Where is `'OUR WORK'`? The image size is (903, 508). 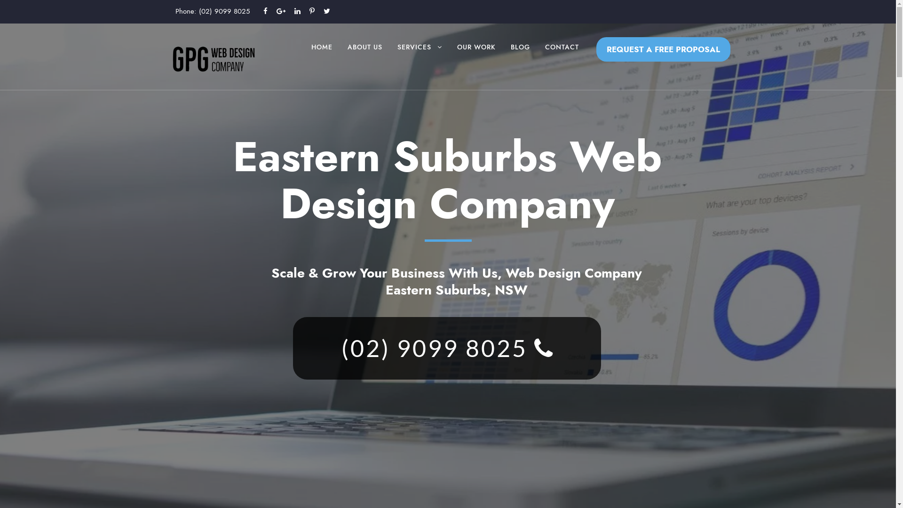
'OUR WORK' is located at coordinates (476, 56).